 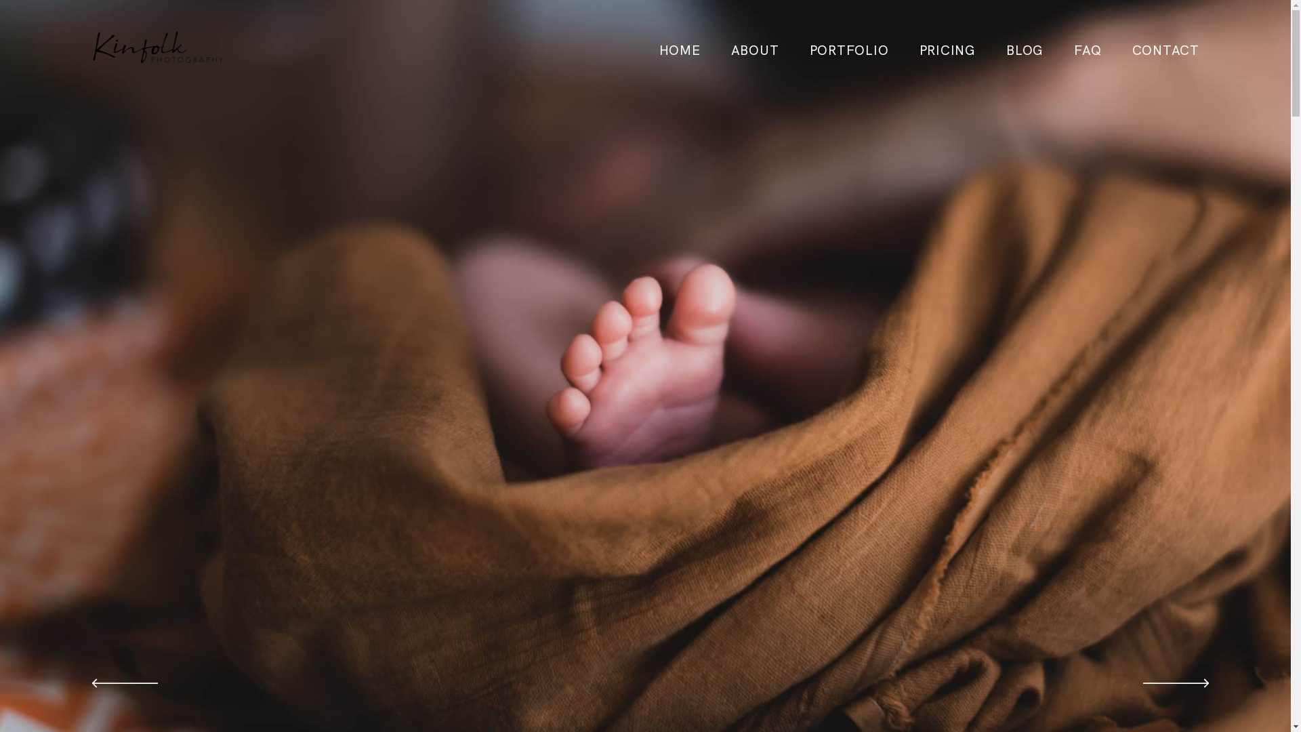 What do you see at coordinates (1025, 49) in the screenshot?
I see `'BLOG'` at bounding box center [1025, 49].